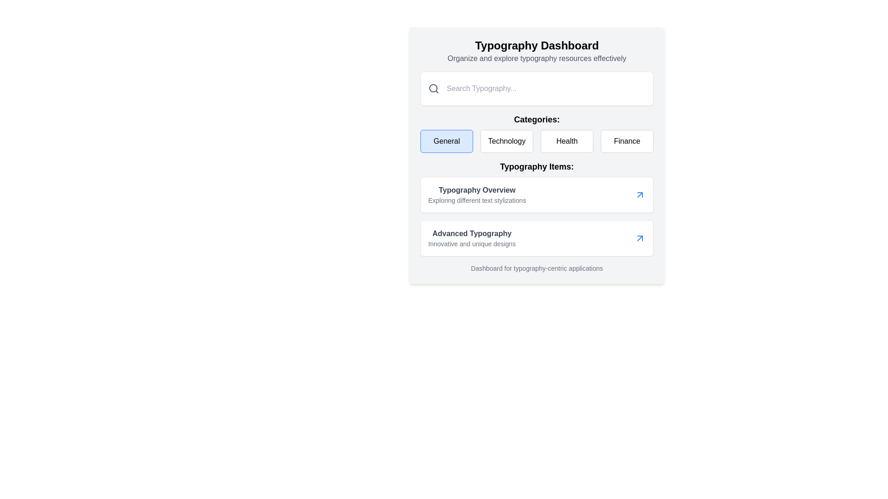 This screenshot has height=499, width=888. I want to click on the title text element located in the 'Typography Items' section, positioned above the 'Exploring different text stylizations' element, so click(477, 190).